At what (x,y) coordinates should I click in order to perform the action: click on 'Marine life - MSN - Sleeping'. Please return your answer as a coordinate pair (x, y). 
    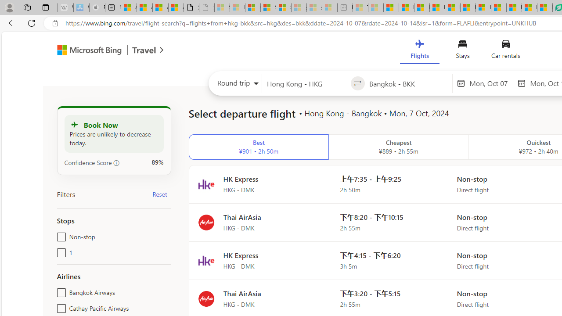
    Looking at the image, I should click on (375, 7).